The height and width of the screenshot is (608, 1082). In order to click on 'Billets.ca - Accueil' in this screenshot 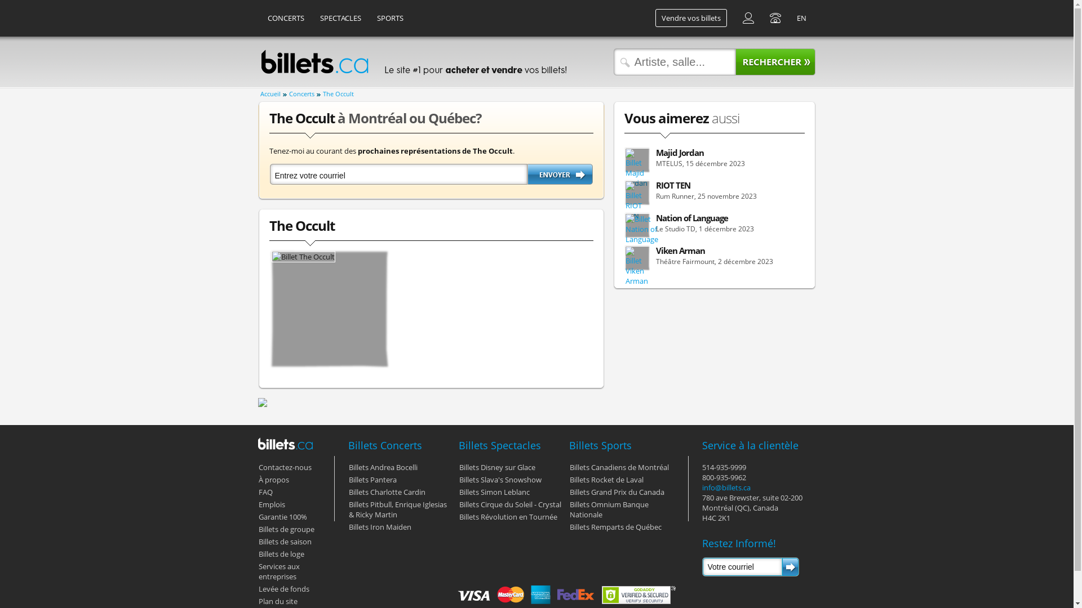, I will do `click(314, 62)`.